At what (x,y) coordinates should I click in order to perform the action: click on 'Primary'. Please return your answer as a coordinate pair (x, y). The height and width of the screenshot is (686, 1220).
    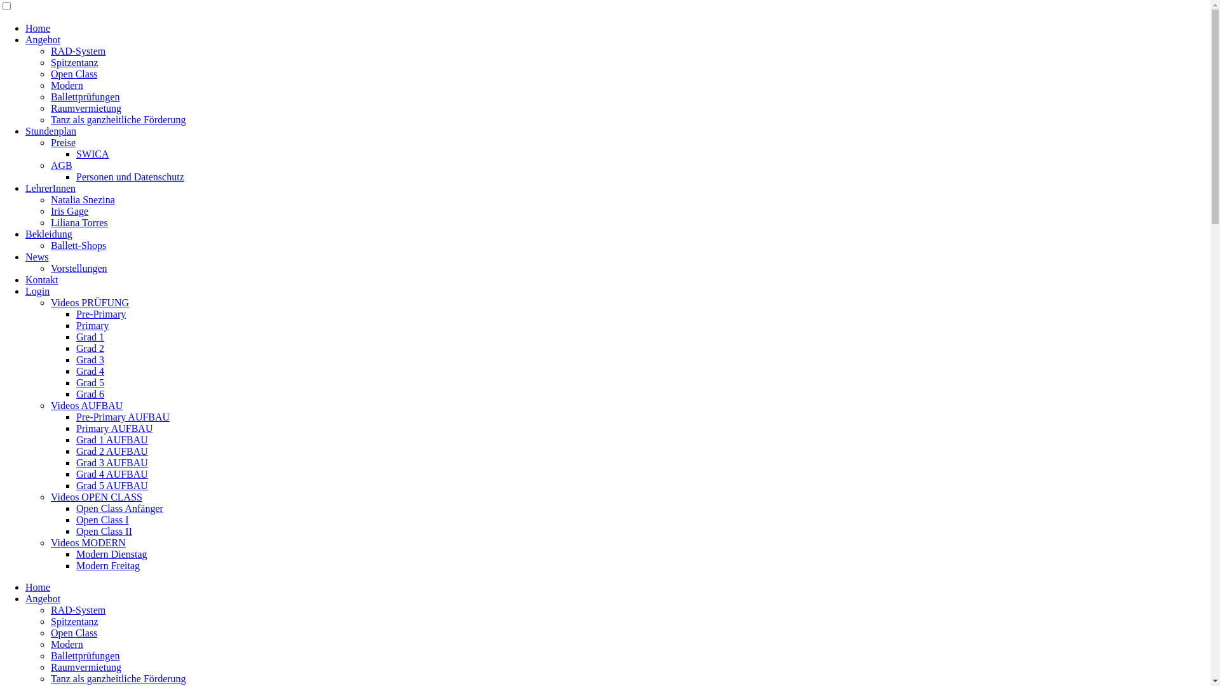
    Looking at the image, I should click on (91, 325).